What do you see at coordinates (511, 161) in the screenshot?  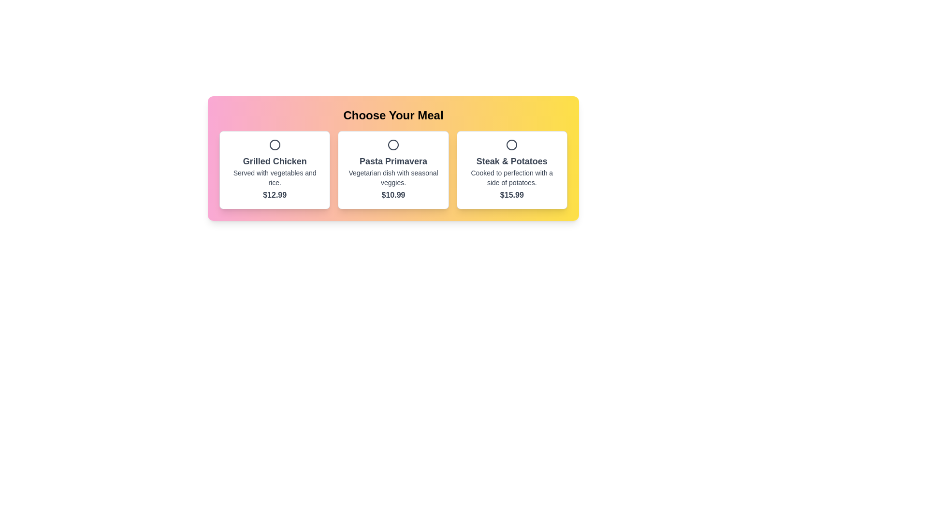 I see `the title or header text of the third rectangular card from the left, which identifies the content within the card` at bounding box center [511, 161].